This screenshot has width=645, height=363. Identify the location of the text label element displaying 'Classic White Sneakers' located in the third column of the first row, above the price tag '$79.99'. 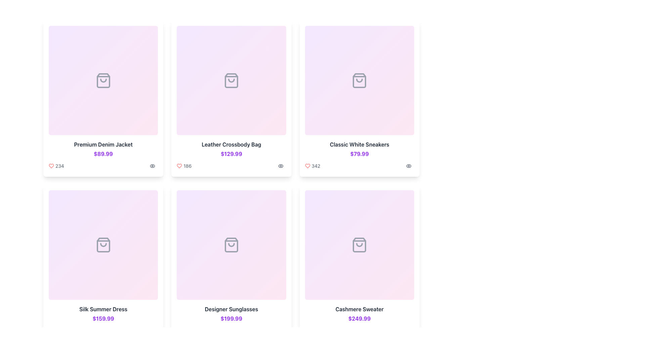
(359, 144).